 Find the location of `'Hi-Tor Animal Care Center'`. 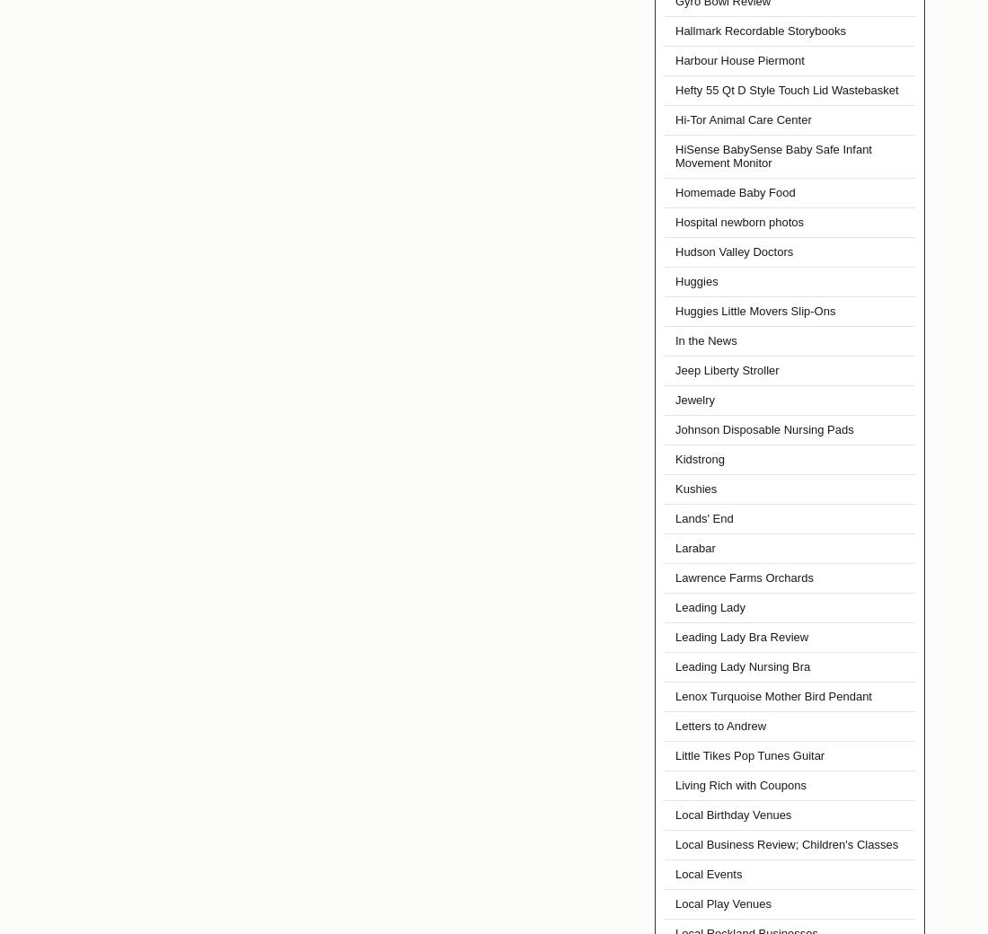

'Hi-Tor Animal Care Center' is located at coordinates (742, 119).